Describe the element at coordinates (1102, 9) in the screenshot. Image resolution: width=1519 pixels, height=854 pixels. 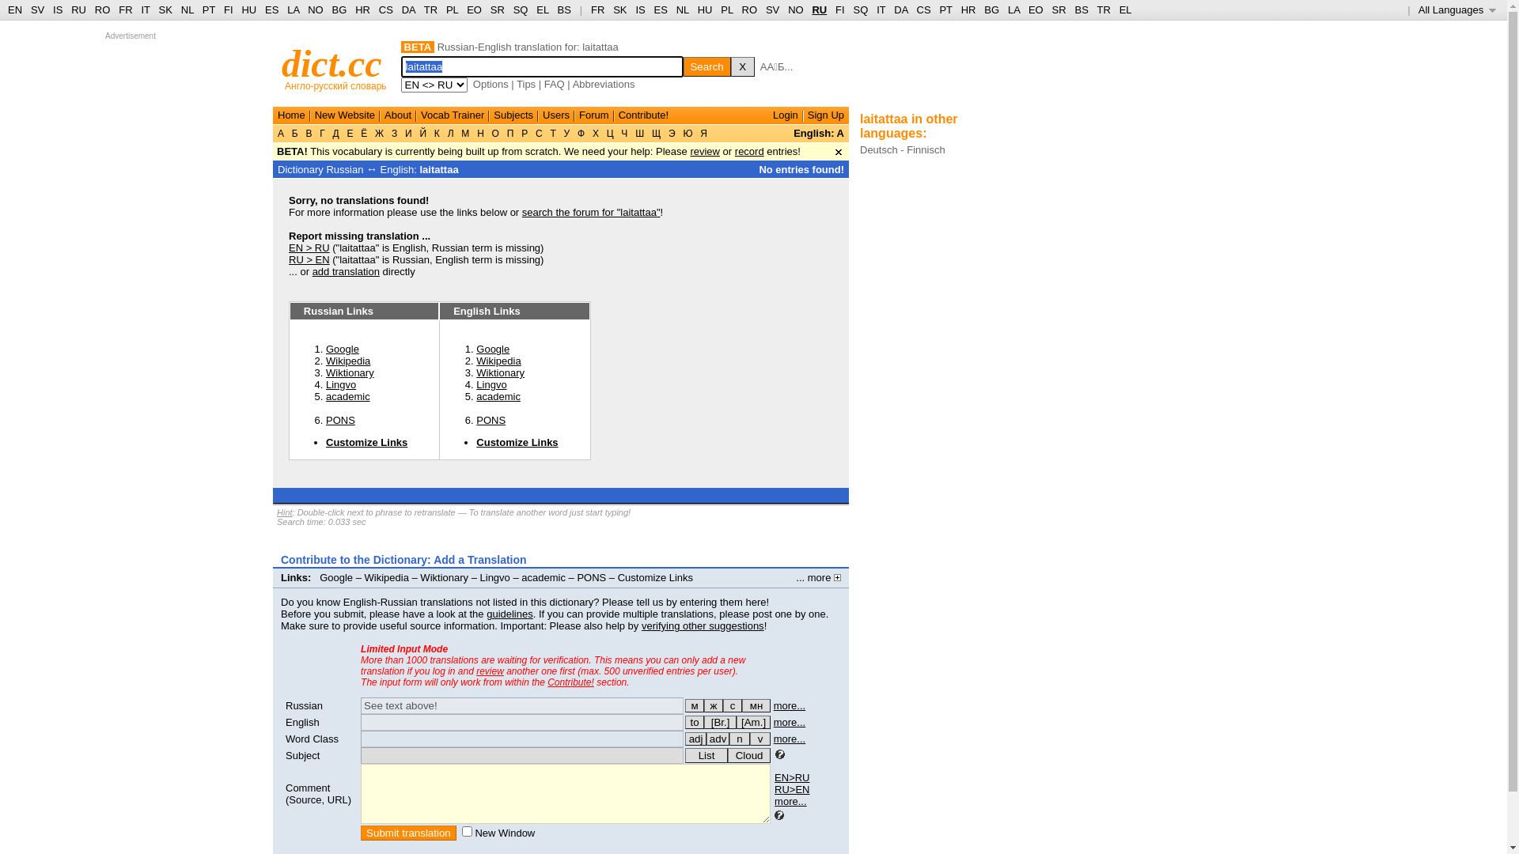
I see `'TR'` at that location.